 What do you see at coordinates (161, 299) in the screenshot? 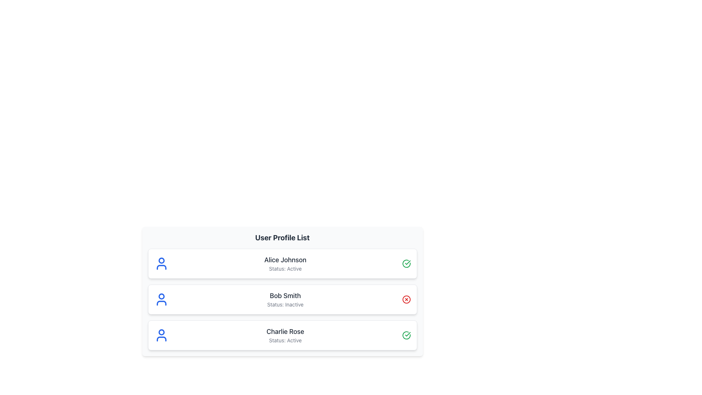
I see `the user profile icon, which is a blue-colored SVG graphic of a person silhouette, located to the left of the user name 'Bob Smith' in the second user card of a vertically aligned list` at bounding box center [161, 299].